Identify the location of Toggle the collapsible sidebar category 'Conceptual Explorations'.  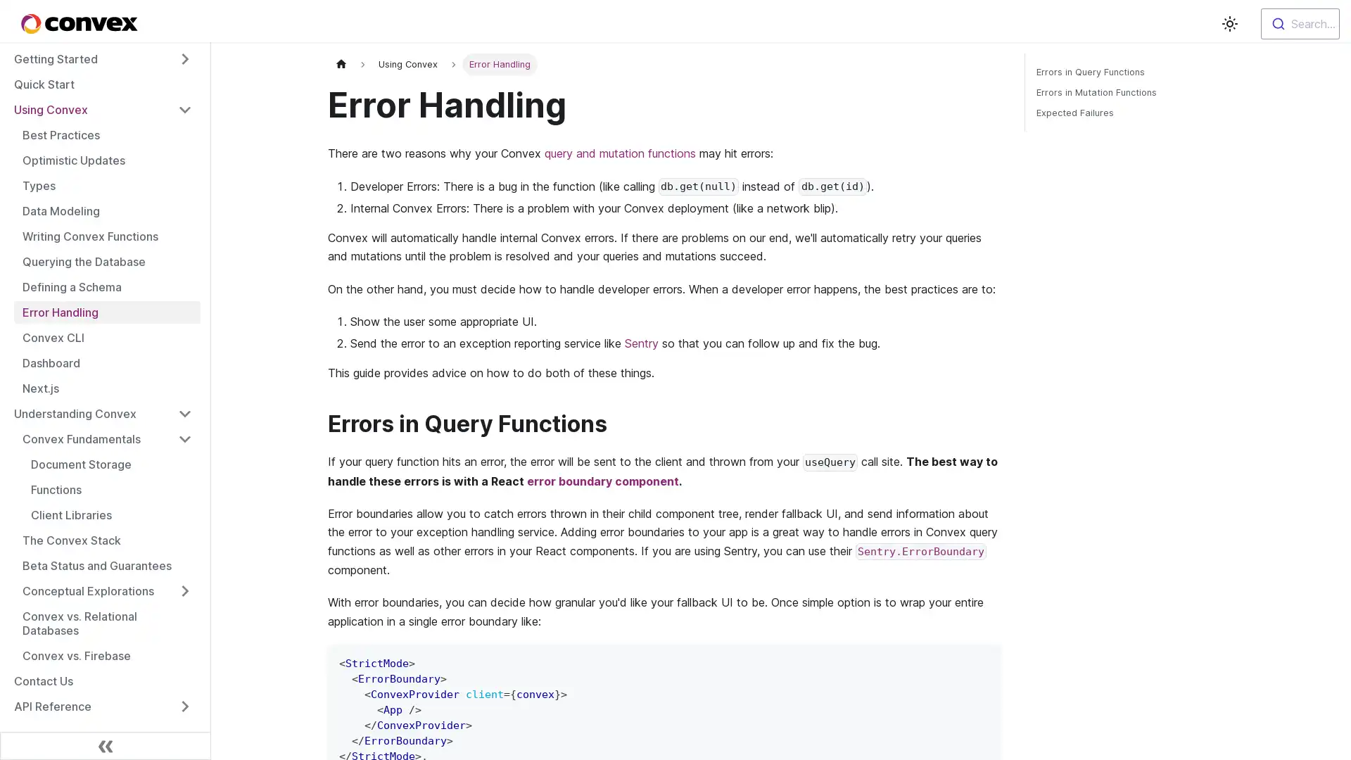
(184, 591).